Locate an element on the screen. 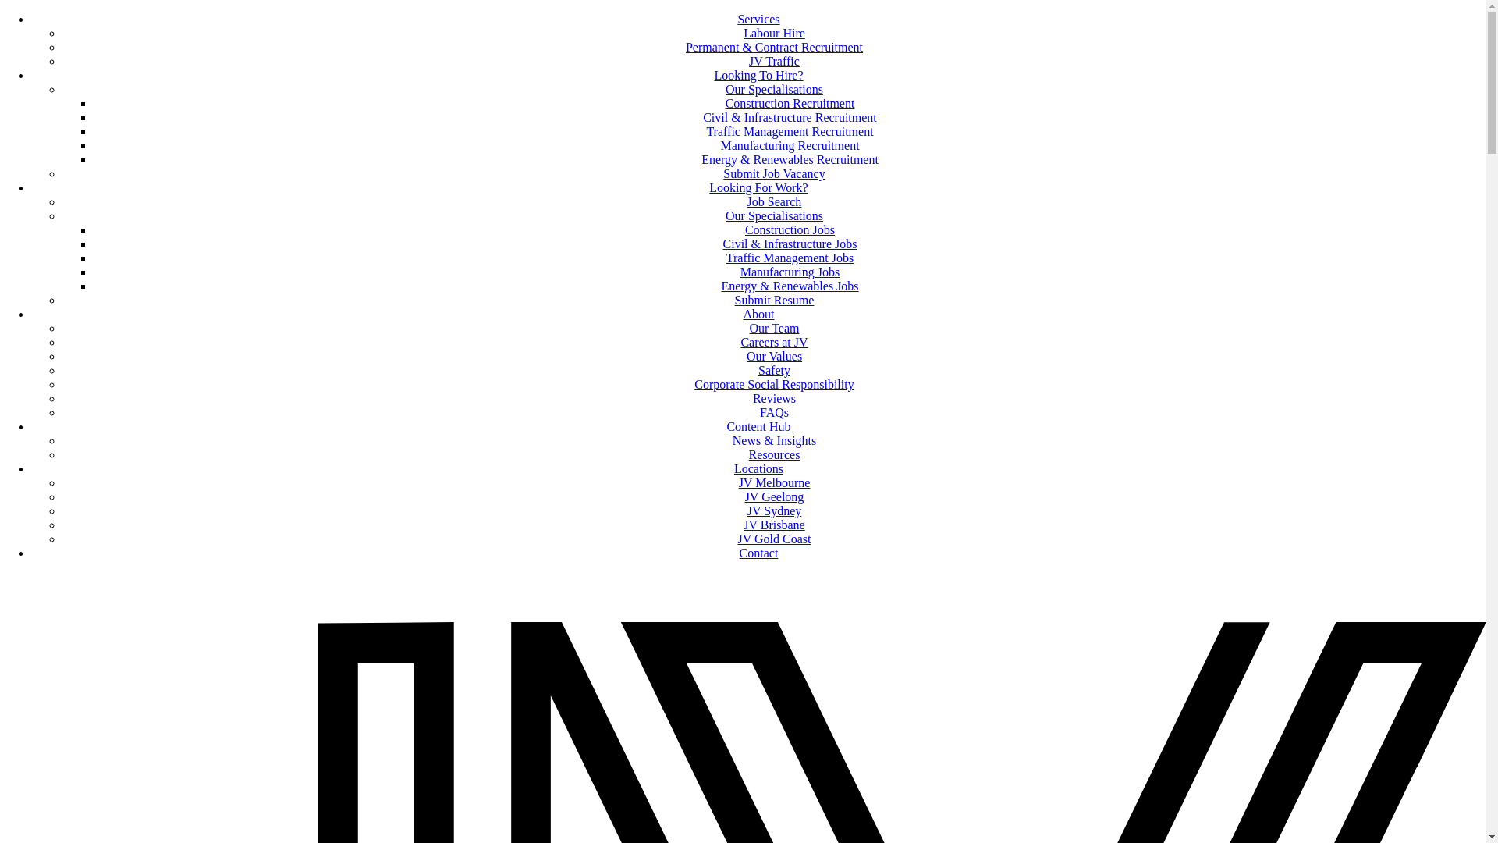 This screenshot has height=843, width=1498. 'Energy & Renewables Recruitment' is located at coordinates (700, 159).